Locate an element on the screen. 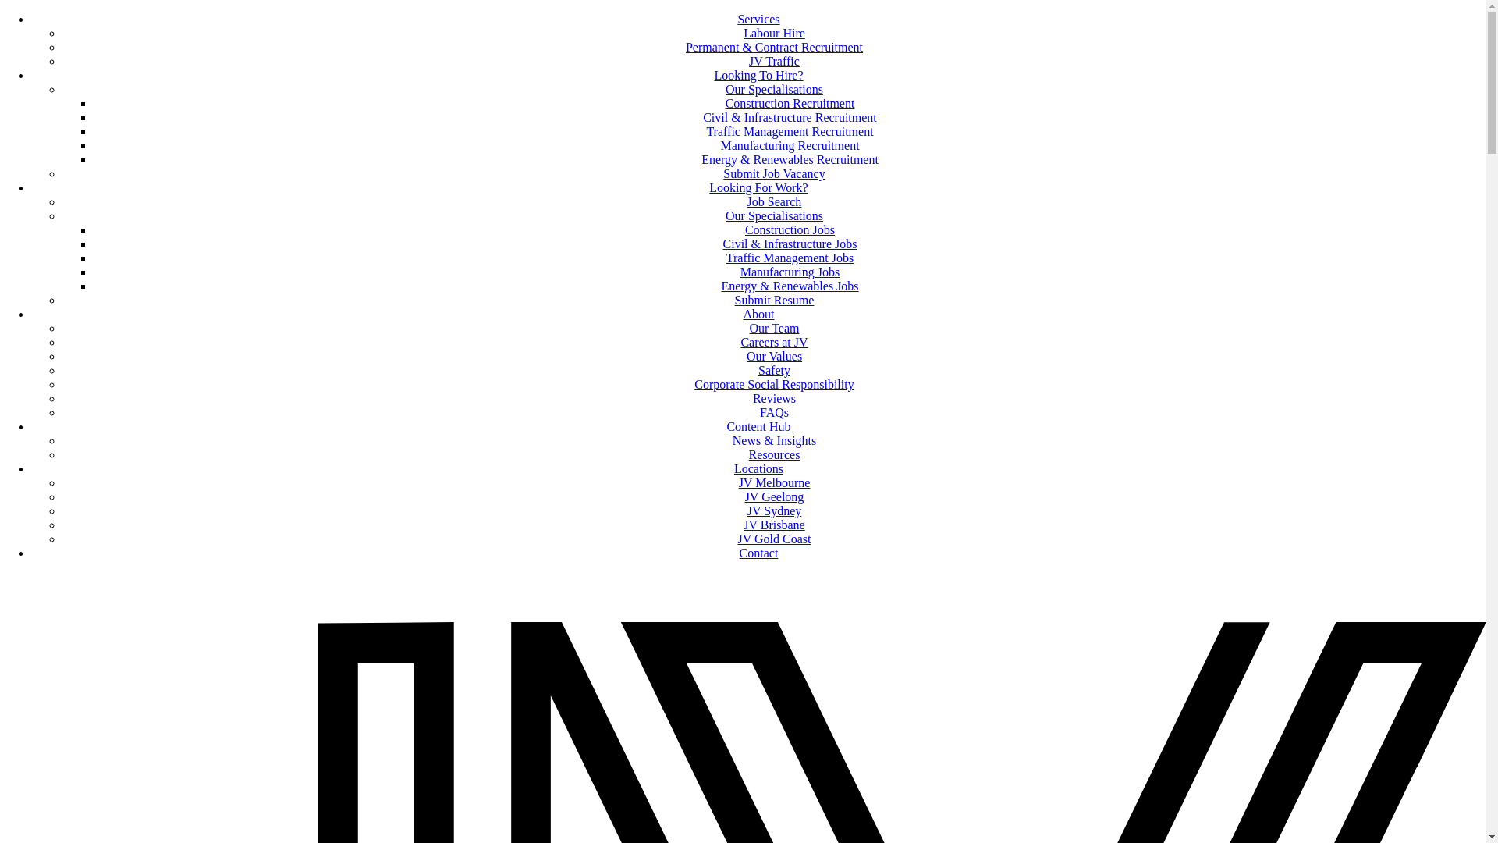 This screenshot has height=843, width=1498. 'Energy & Renewables Recruitment' is located at coordinates (700, 159).